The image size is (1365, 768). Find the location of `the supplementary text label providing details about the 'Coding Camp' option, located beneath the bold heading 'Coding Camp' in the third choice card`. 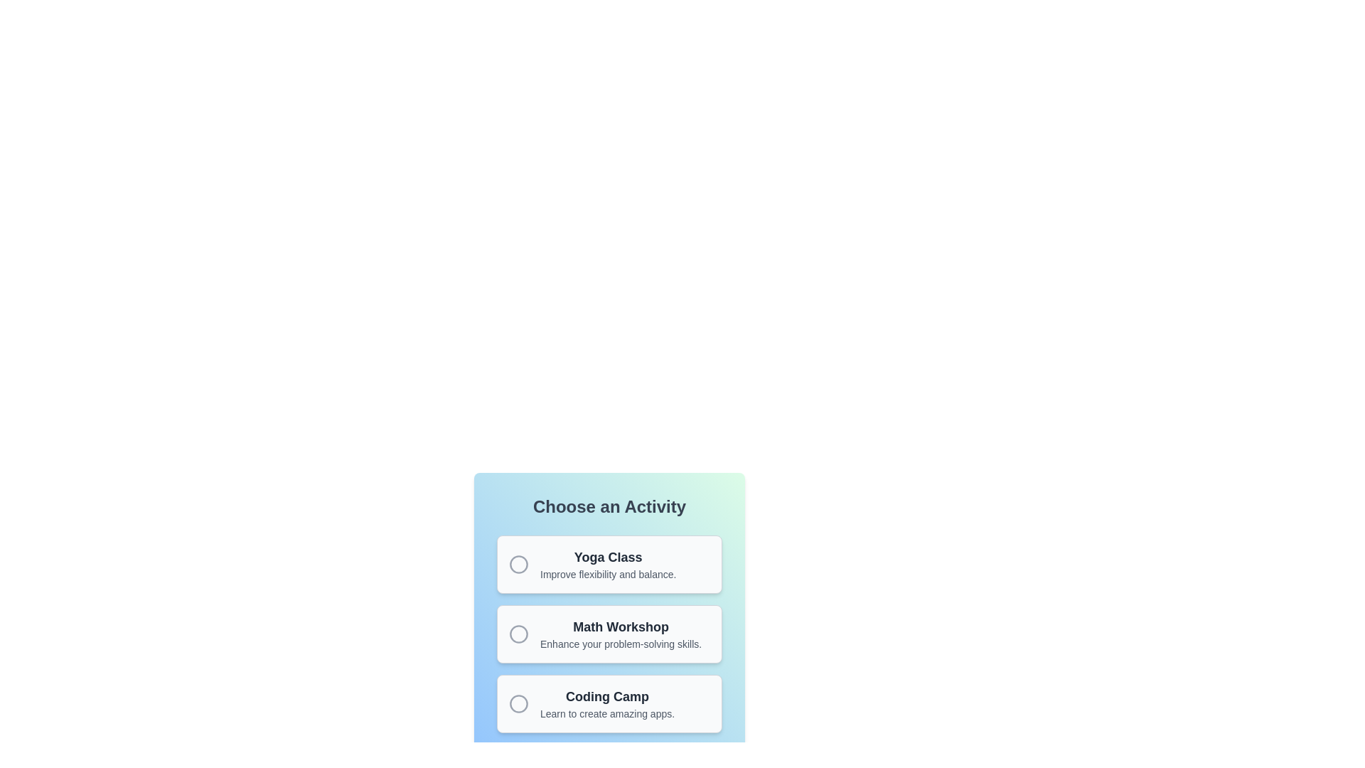

the supplementary text label providing details about the 'Coding Camp' option, located beneath the bold heading 'Coding Camp' in the third choice card is located at coordinates (607, 713).